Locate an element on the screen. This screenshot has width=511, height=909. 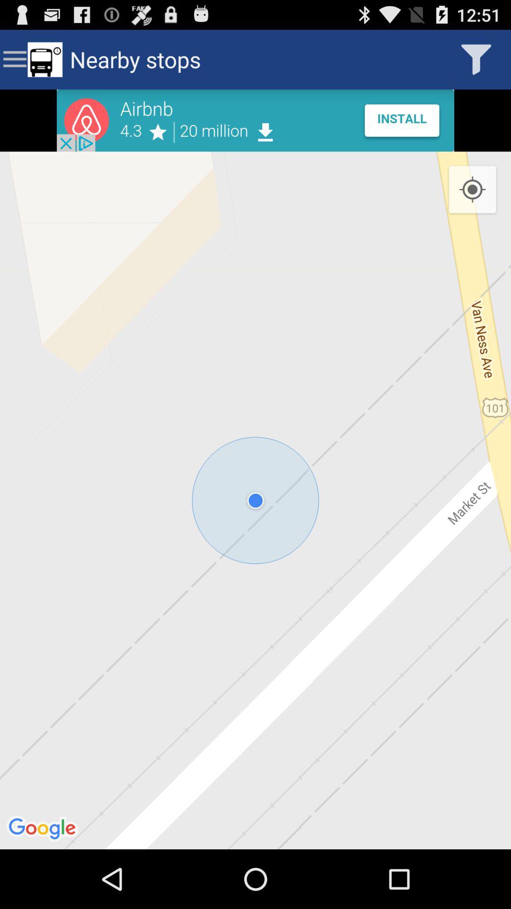
advertisement is located at coordinates (255, 120).